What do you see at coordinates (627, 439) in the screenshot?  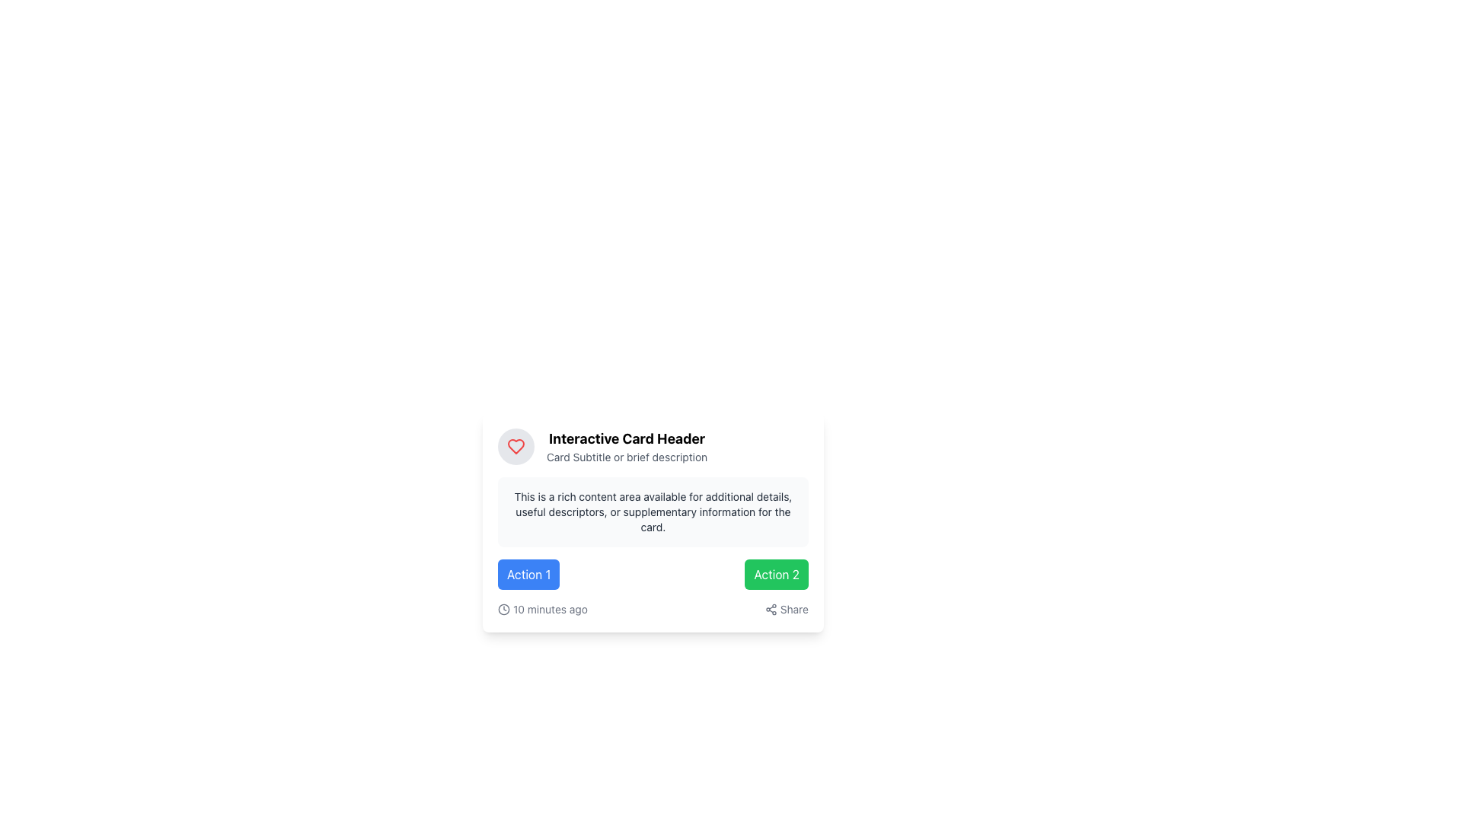 I see `text content of the bold and large-sized text label labeled 'Interactive Card Header' located in the header section of the card layout` at bounding box center [627, 439].